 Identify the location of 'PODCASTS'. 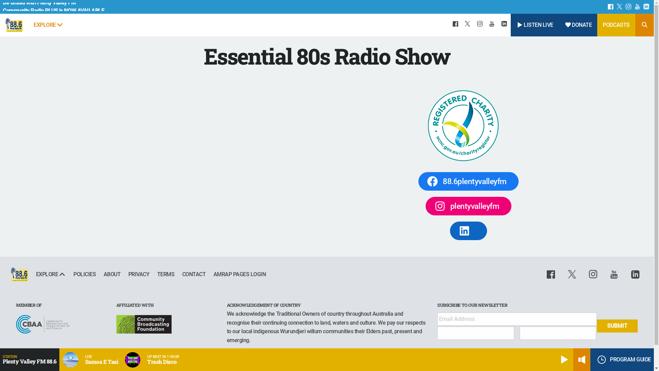
(616, 25).